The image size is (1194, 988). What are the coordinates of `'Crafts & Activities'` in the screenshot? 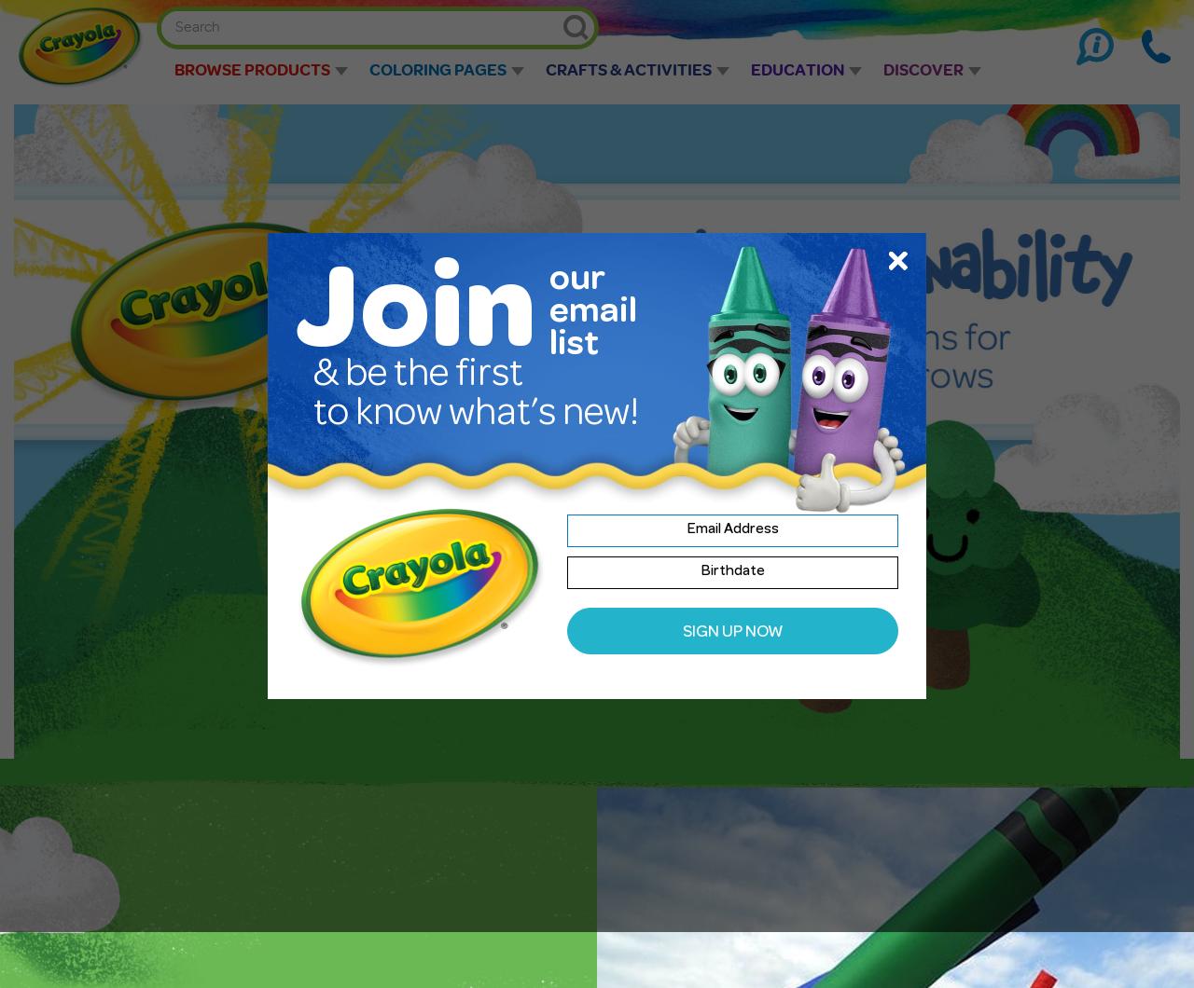 It's located at (544, 68).